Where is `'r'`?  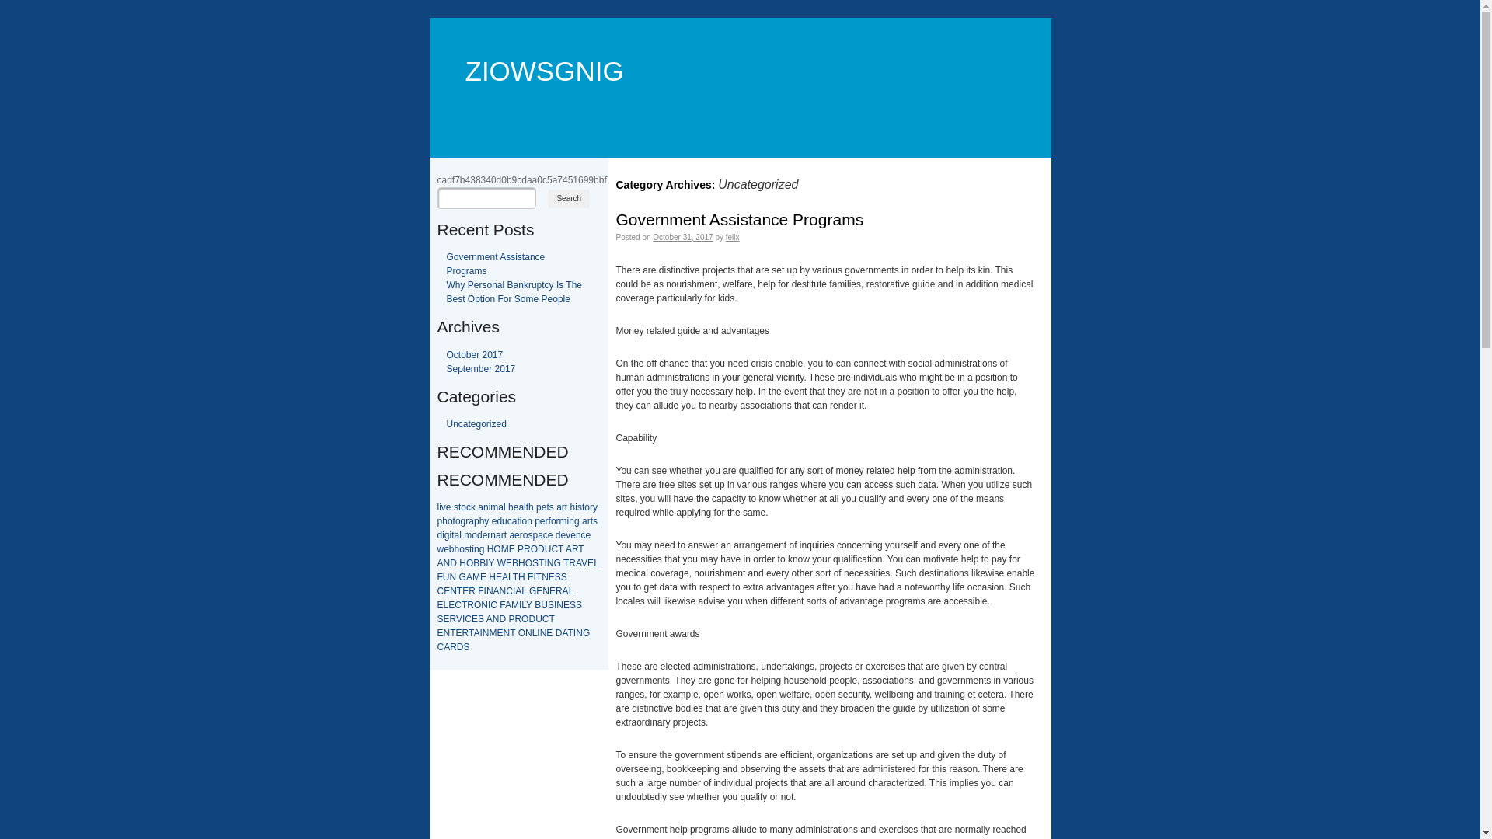
'r' is located at coordinates (562, 507).